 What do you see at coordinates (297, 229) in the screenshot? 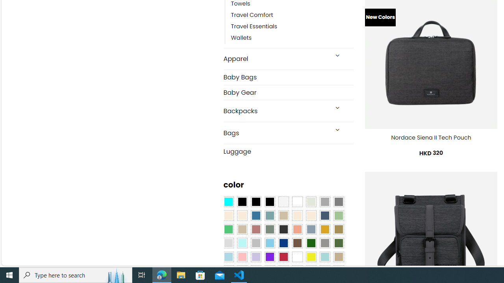
I see `'Coral'` at bounding box center [297, 229].